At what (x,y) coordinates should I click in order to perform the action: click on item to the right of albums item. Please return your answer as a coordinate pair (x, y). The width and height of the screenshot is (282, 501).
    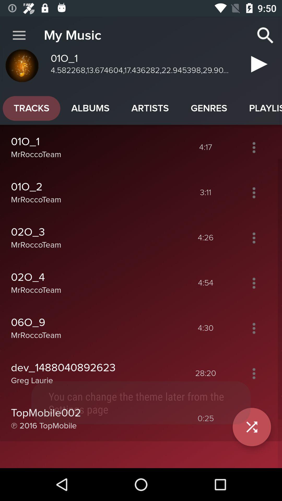
    Looking at the image, I should click on (150, 108).